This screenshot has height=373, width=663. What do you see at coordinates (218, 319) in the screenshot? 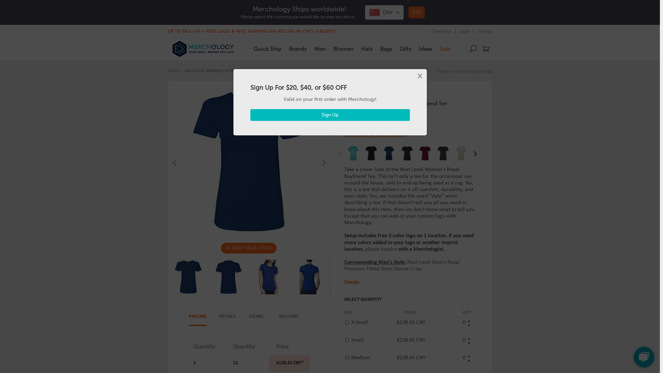
I see `'DETAILS'` at bounding box center [218, 319].